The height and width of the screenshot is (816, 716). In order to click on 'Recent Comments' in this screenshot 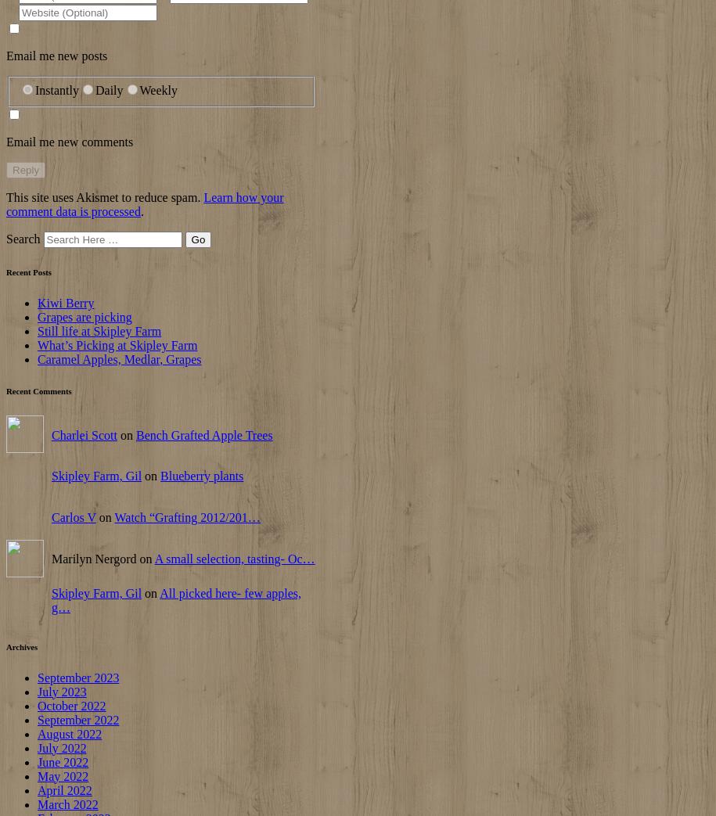, I will do `click(5, 389)`.